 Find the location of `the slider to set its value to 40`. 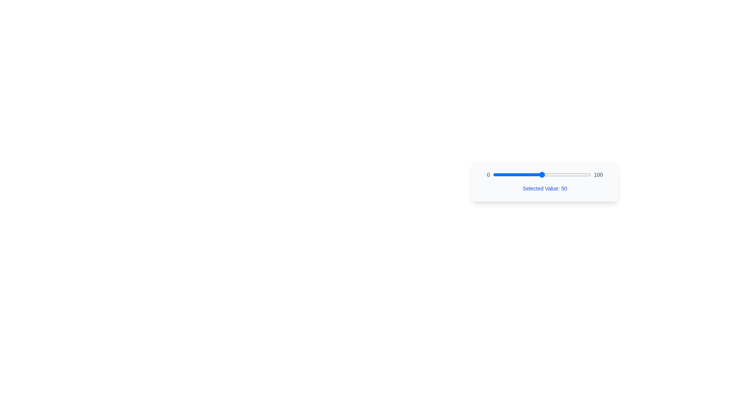

the slider to set its value to 40 is located at coordinates (532, 174).